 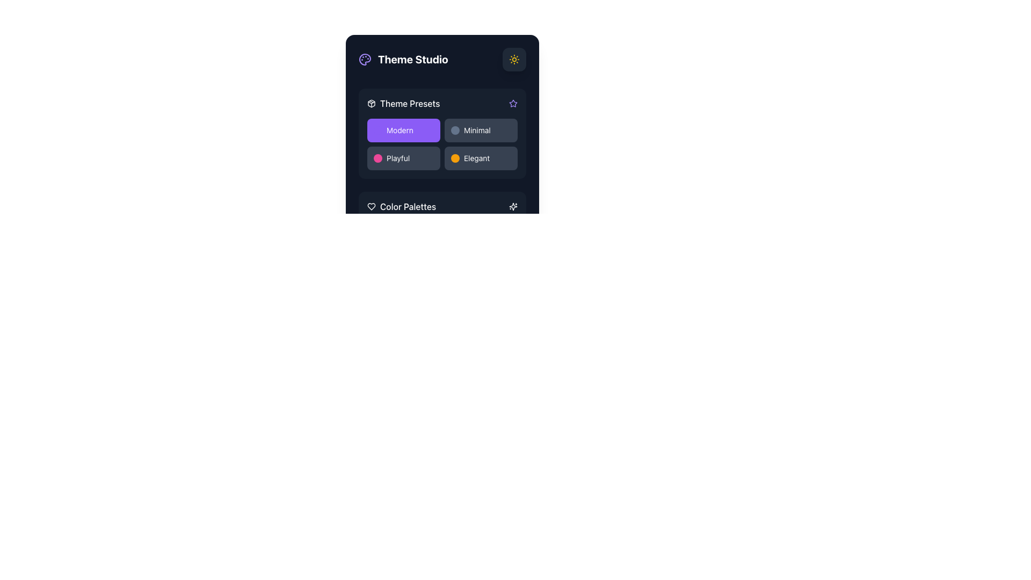 I want to click on the star icon with a violet outline and no fill located at the top-right corner of the Theme Presets section, so click(x=512, y=103).